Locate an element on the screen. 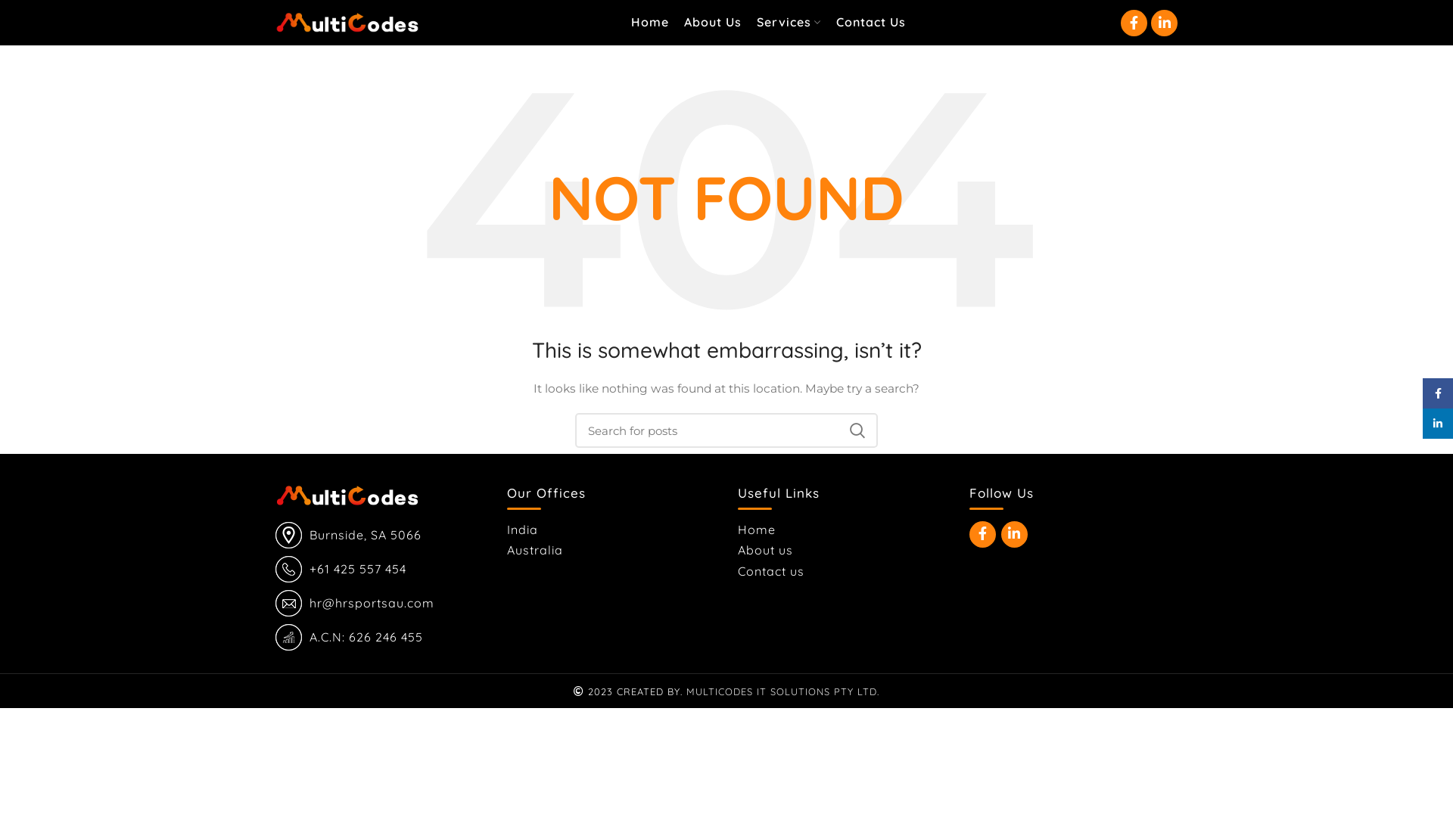 This screenshot has width=1453, height=817. 'About Us' is located at coordinates (711, 23).